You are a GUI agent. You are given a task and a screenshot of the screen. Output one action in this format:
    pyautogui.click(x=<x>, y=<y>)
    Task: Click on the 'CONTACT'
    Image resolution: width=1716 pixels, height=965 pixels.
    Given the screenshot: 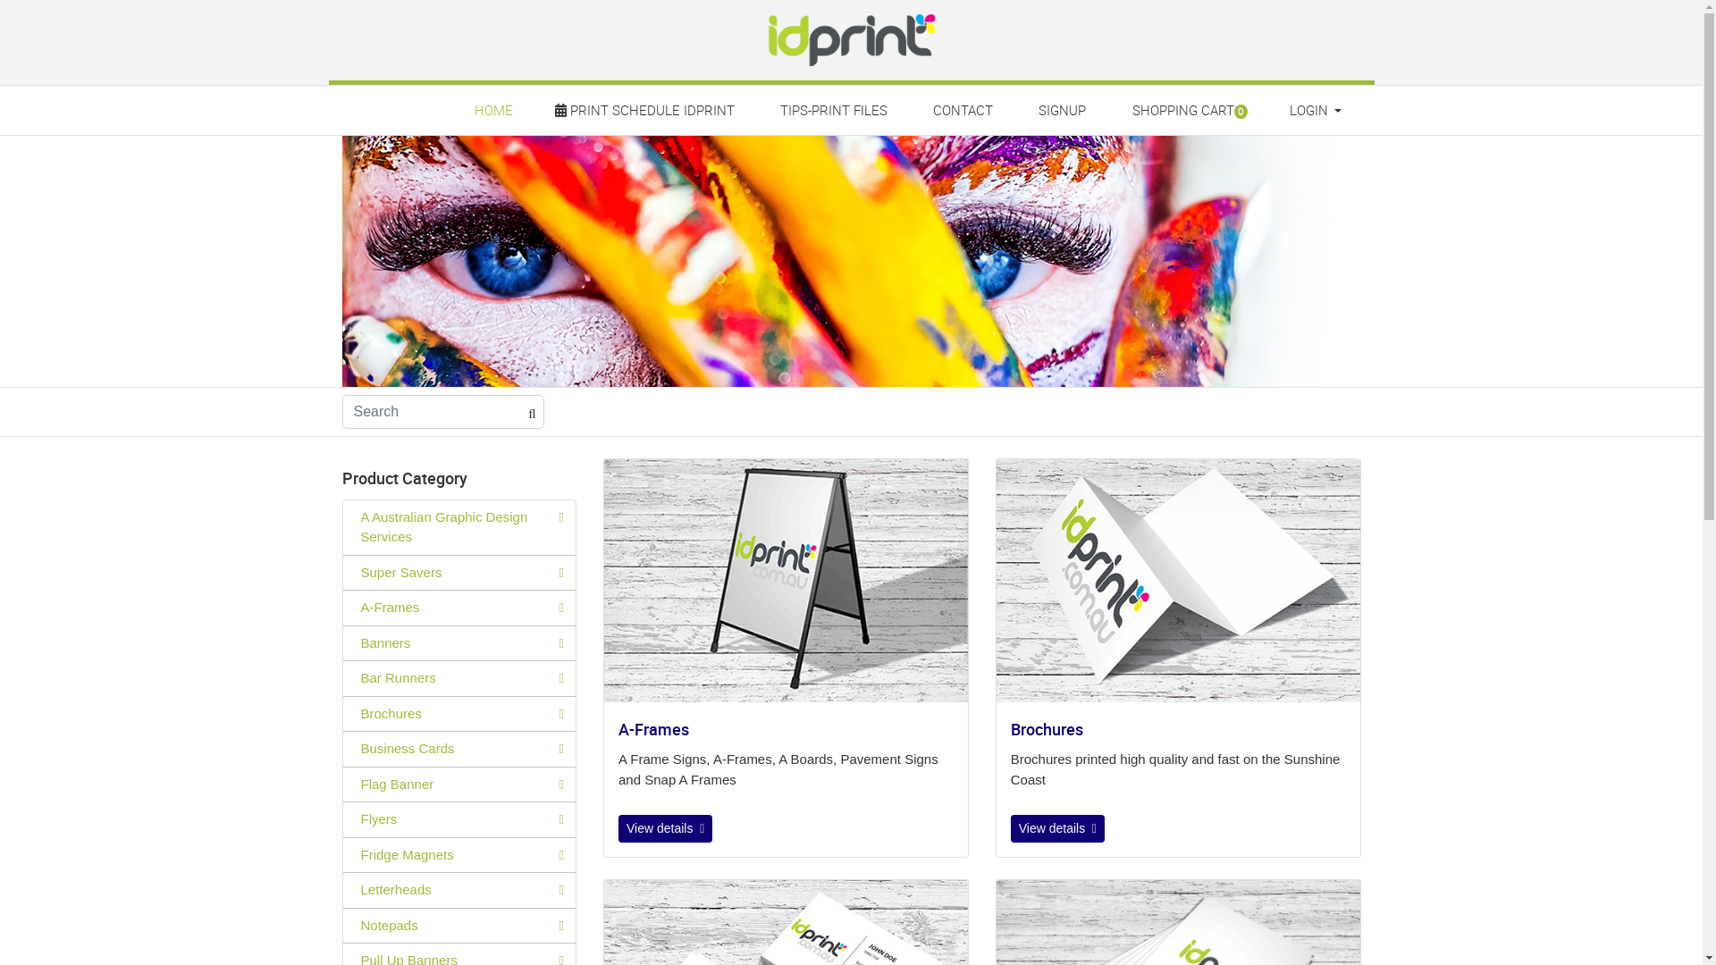 What is the action you would take?
    pyautogui.click(x=963, y=110)
    